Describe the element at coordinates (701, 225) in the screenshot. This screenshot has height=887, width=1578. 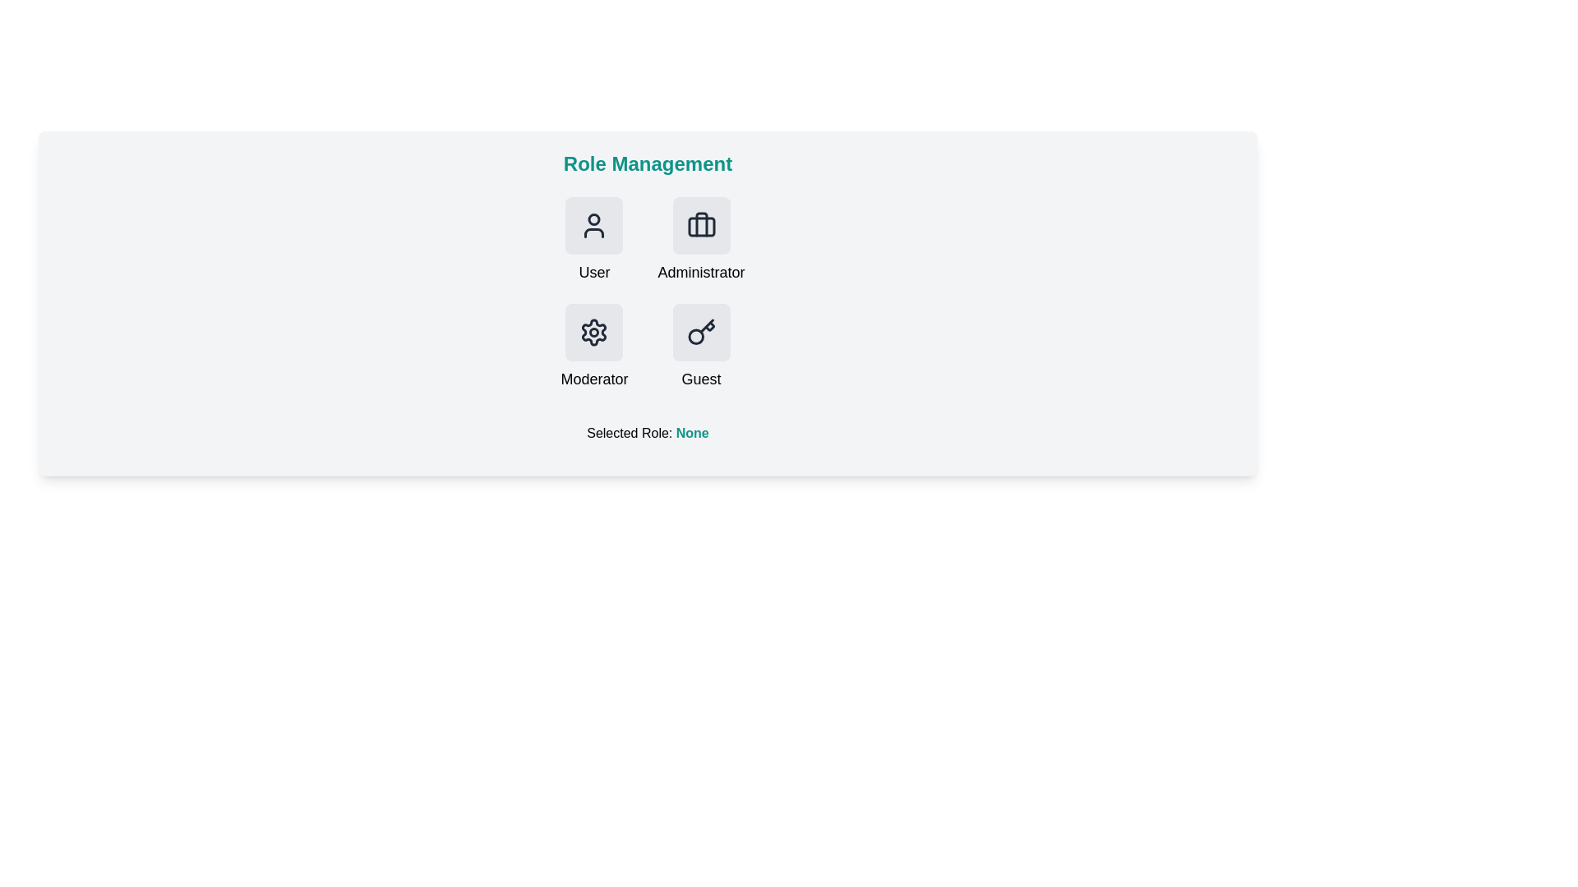
I see `the dark gray briefcase icon located in the second column of the first row of the icon grid` at that location.